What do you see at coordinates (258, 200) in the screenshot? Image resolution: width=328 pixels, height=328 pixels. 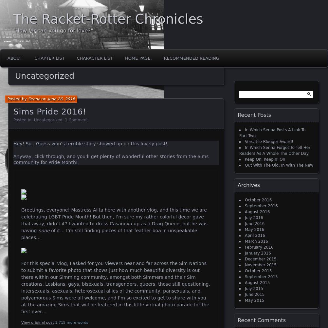 I see `'October 2016'` at bounding box center [258, 200].